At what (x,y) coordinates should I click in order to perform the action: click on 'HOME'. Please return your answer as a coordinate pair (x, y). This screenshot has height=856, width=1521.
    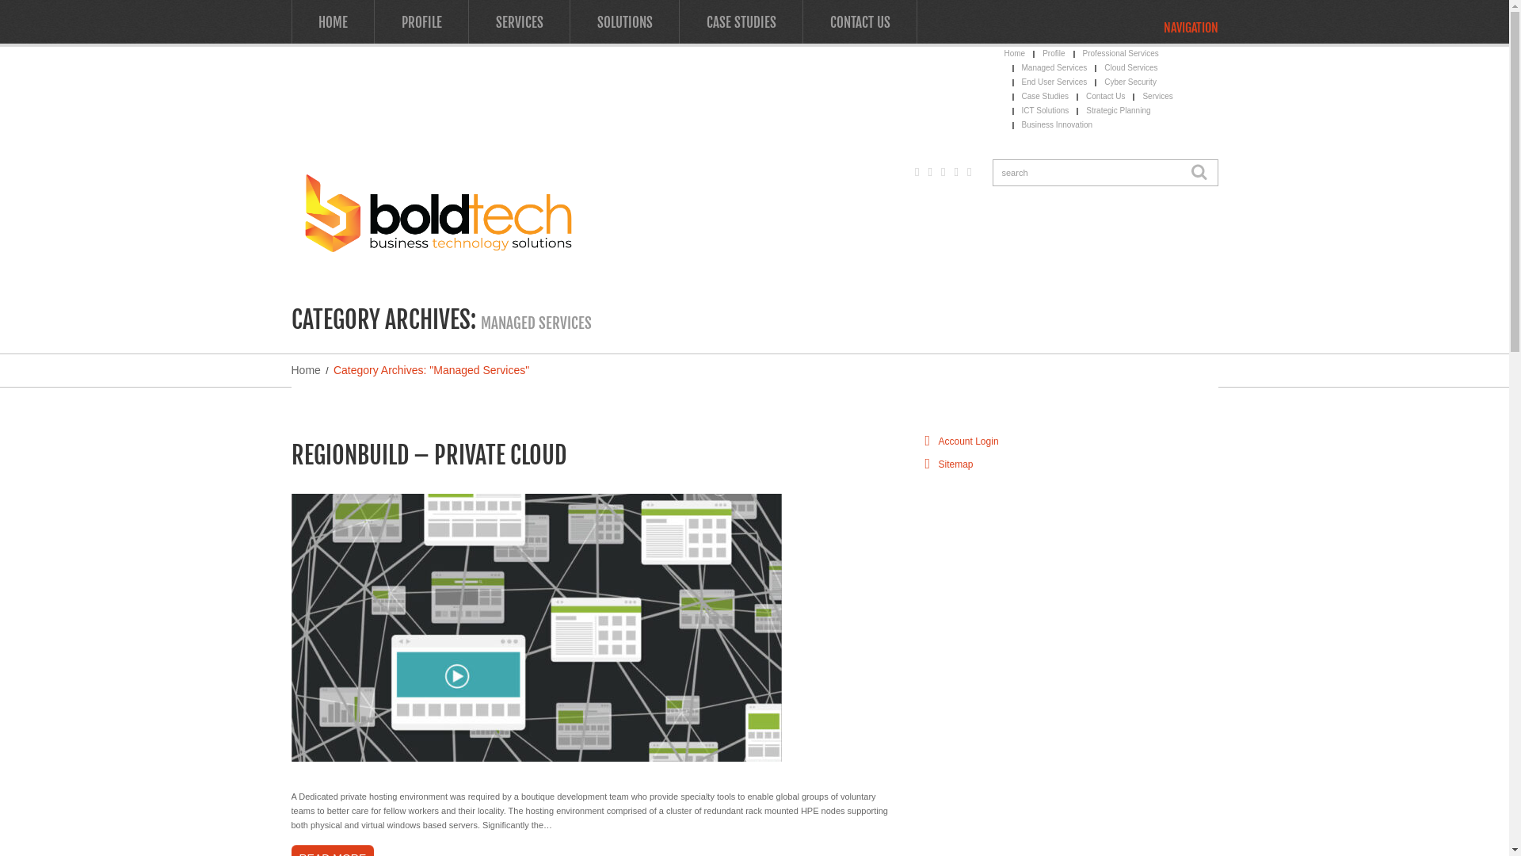
    Looking at the image, I should click on (332, 21).